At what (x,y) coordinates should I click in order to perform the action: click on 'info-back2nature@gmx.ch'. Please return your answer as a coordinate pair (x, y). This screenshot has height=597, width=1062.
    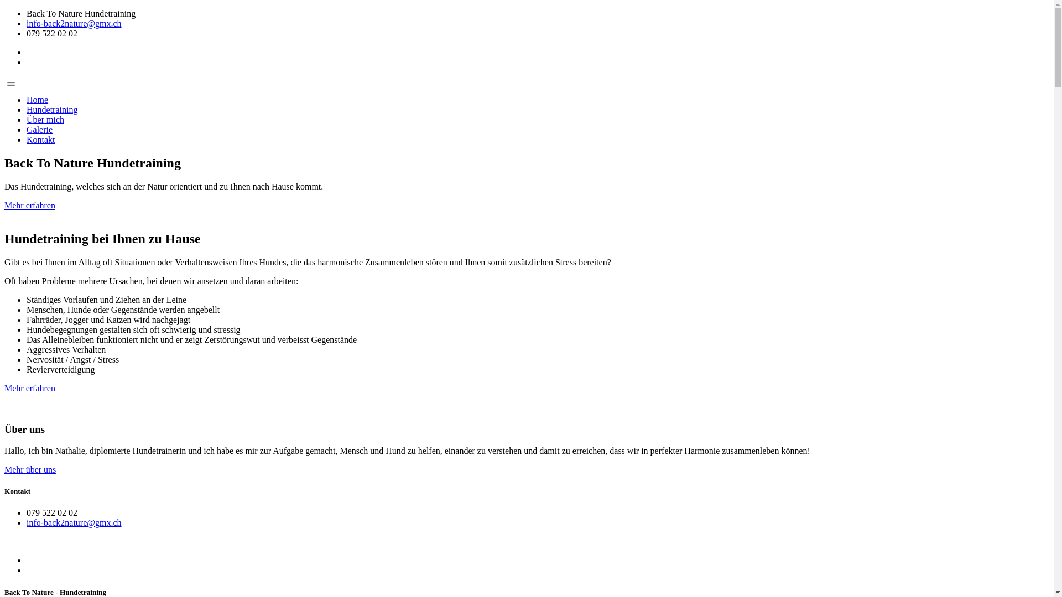
    Looking at the image, I should click on (74, 23).